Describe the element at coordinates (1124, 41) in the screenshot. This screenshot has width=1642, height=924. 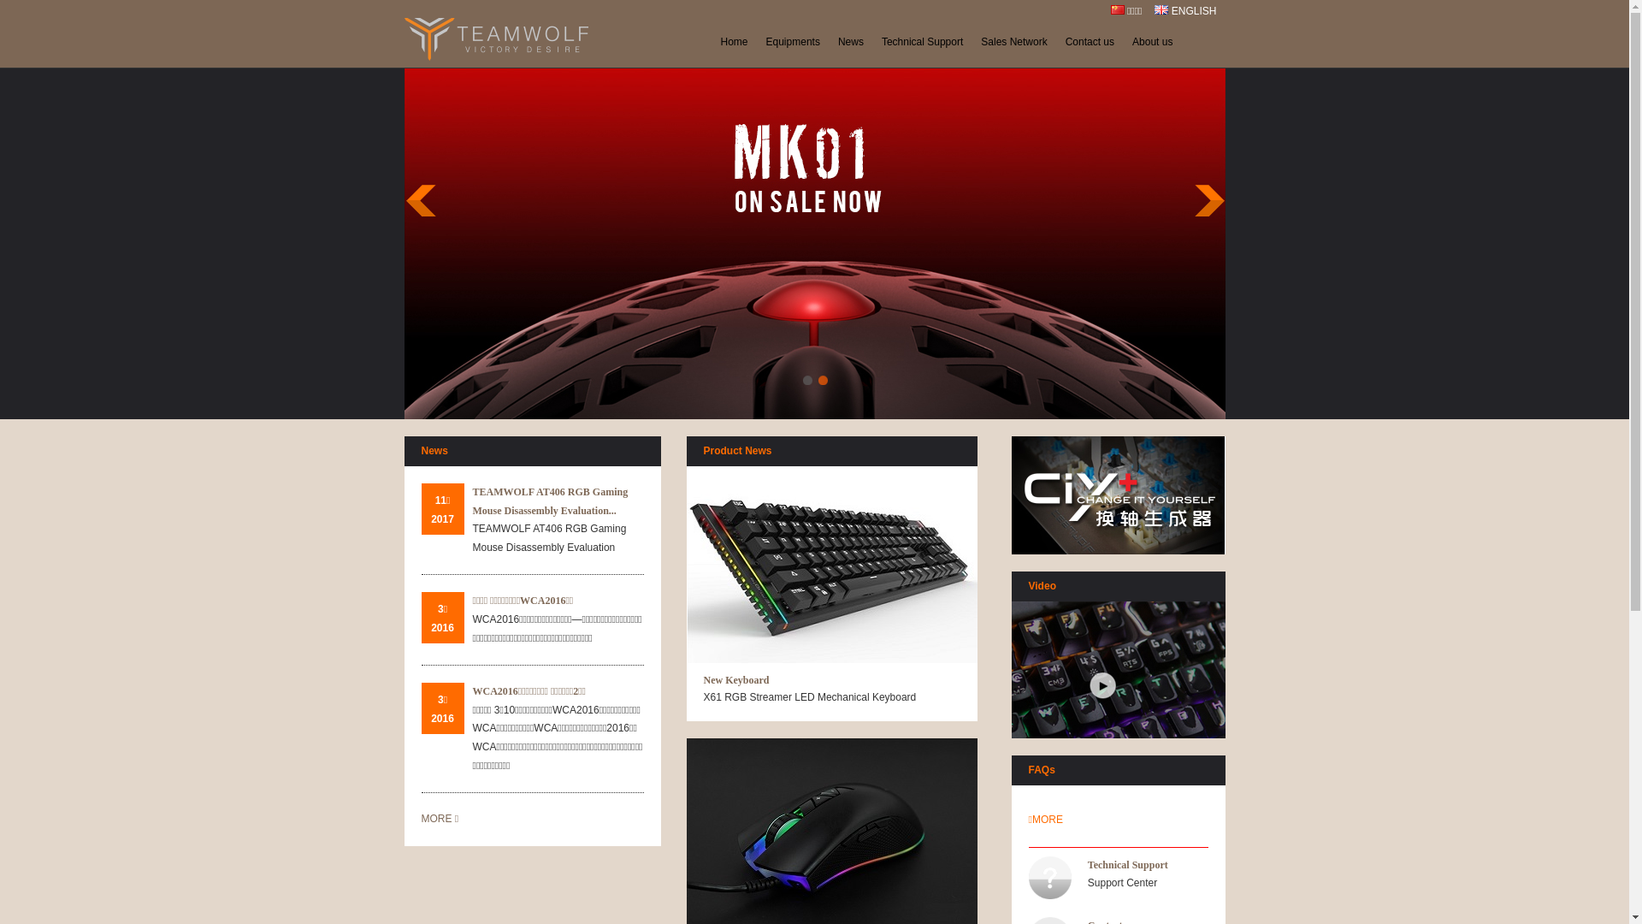
I see `'About us'` at that location.